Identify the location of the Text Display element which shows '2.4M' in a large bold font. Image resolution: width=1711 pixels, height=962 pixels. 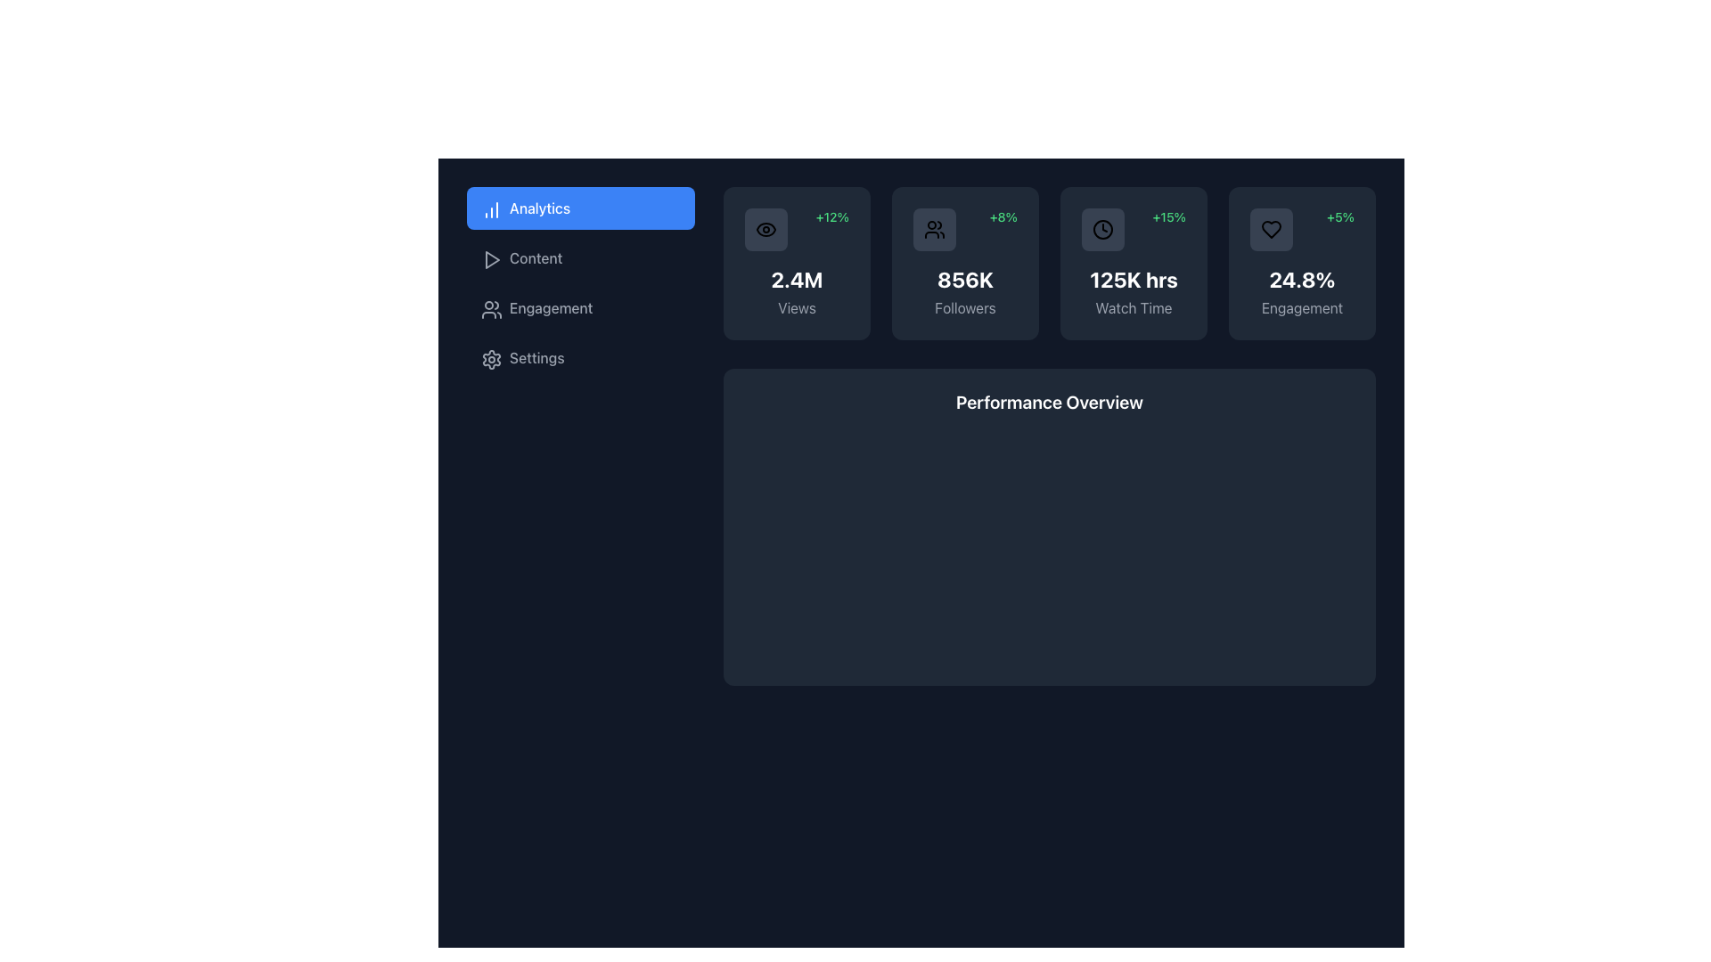
(796, 279).